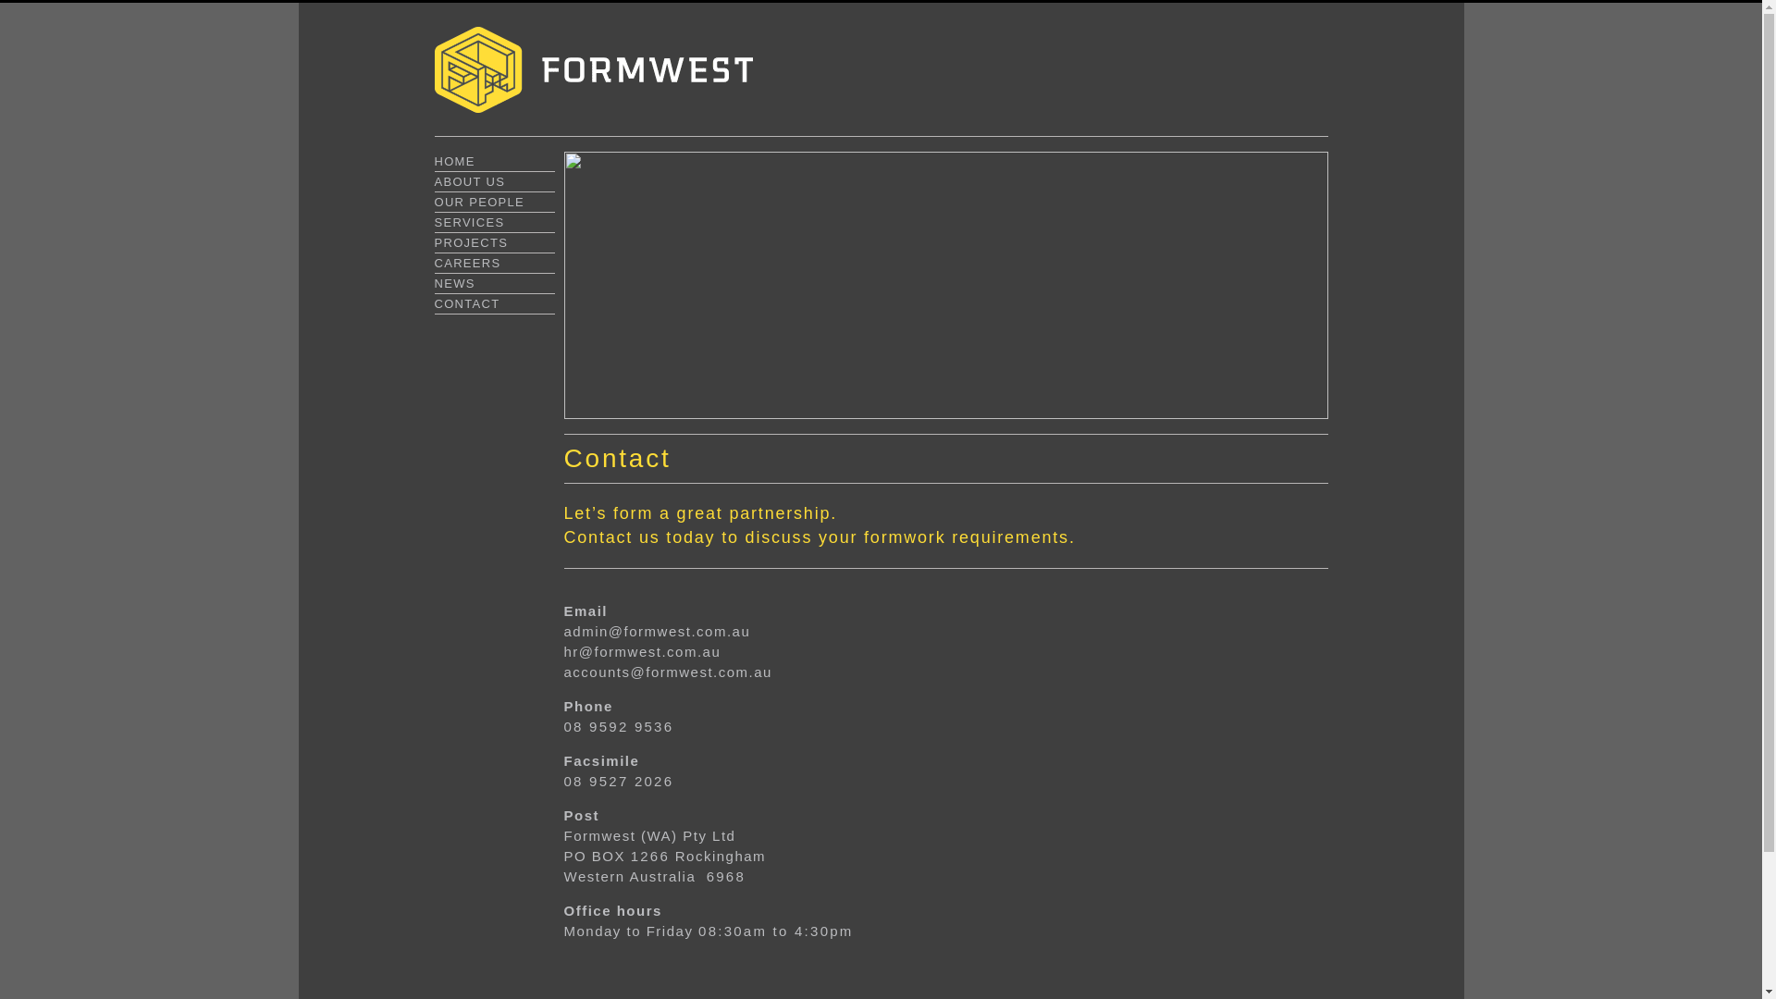  I want to click on 'PROJECTS', so click(471, 239).